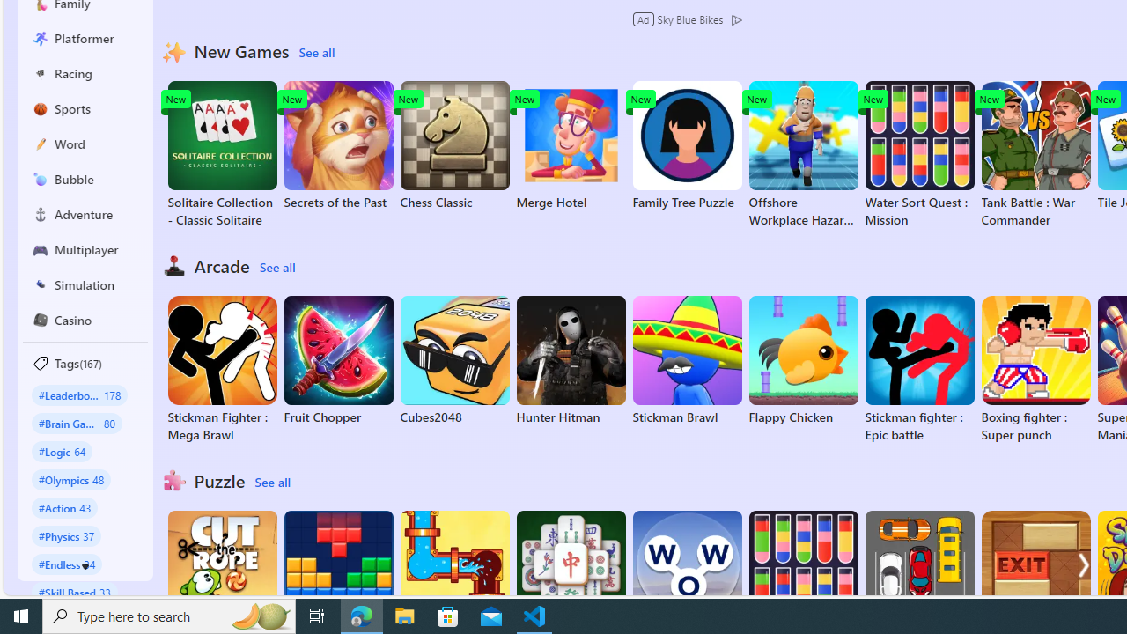 Image resolution: width=1127 pixels, height=634 pixels. What do you see at coordinates (221, 154) in the screenshot?
I see `'Solitaire Collection - Classic Solitaire'` at bounding box center [221, 154].